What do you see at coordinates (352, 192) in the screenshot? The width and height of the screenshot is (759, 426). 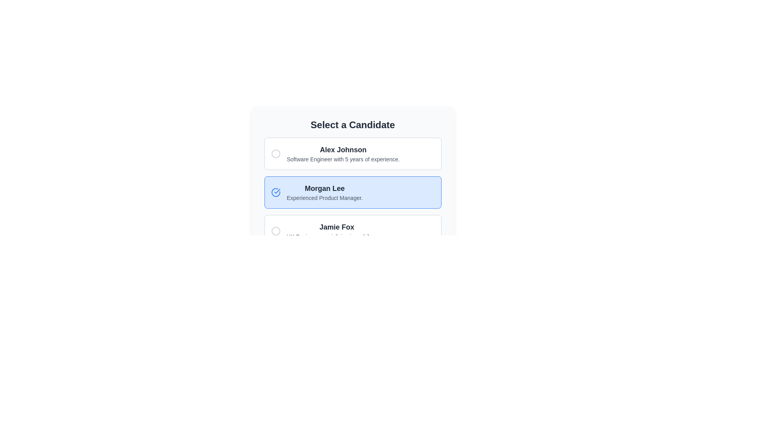 I see `the selectable option for 'Morgan Lee' in the list of candidates` at bounding box center [352, 192].